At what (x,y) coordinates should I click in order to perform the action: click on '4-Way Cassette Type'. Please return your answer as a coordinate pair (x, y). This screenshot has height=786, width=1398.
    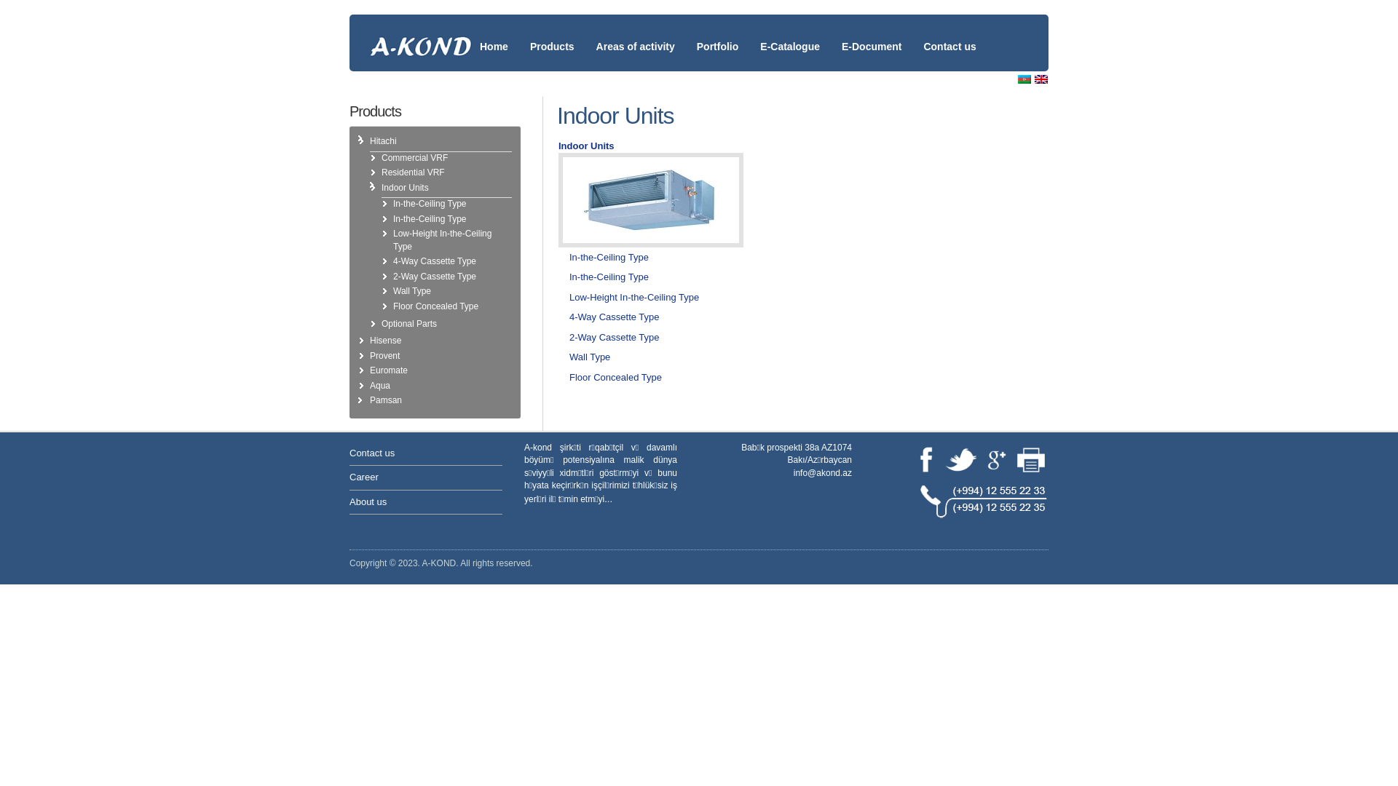
    Looking at the image, I should click on (615, 316).